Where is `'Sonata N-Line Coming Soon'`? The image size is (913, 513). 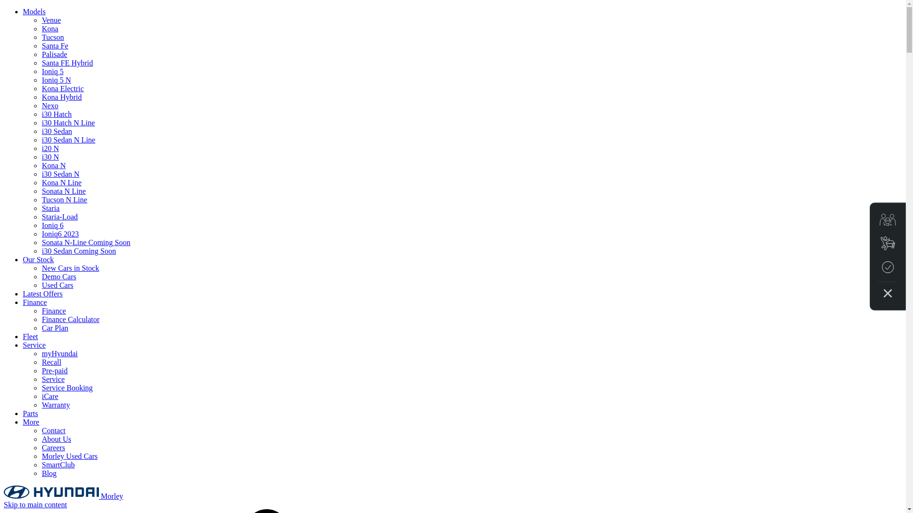
'Sonata N-Line Coming Soon' is located at coordinates (86, 242).